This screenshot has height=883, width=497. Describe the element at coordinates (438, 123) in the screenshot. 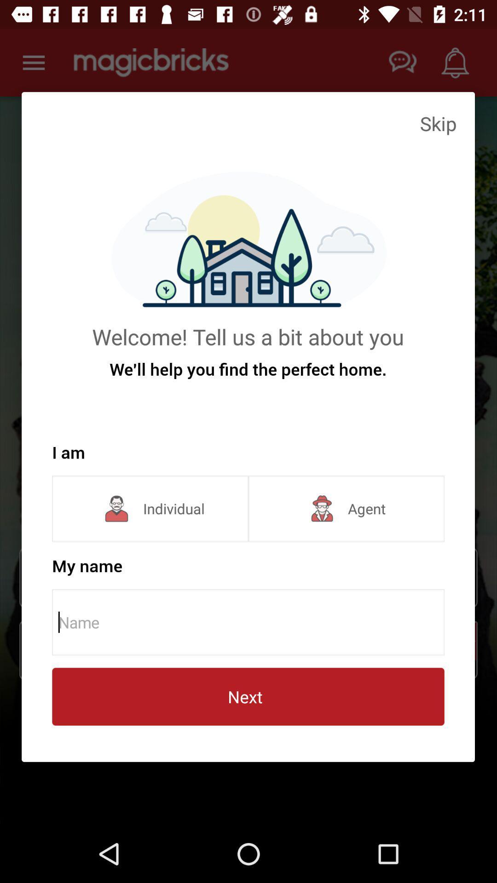

I see `icon at the top right corner` at that location.